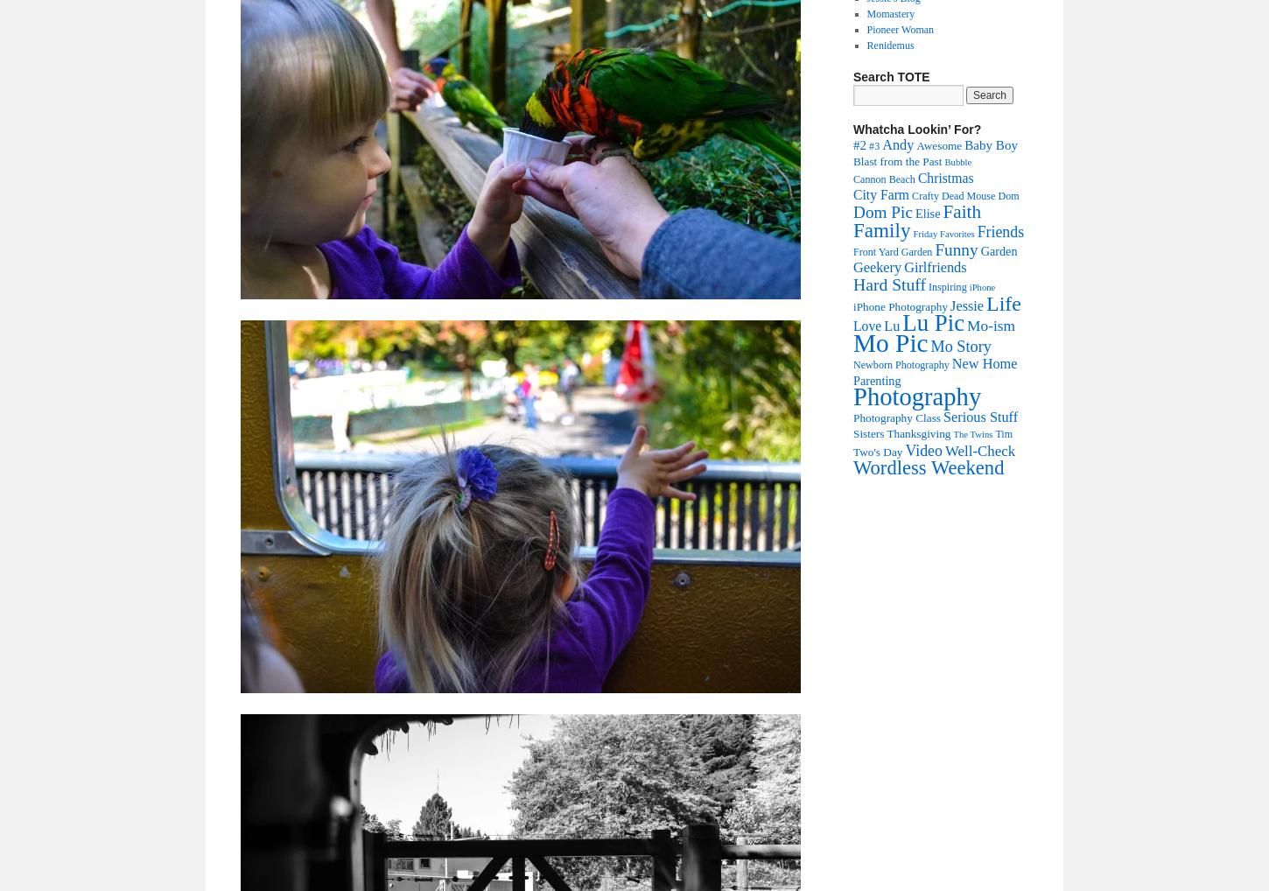  Describe the element at coordinates (966, 305) in the screenshot. I see `'Jessie'` at that location.